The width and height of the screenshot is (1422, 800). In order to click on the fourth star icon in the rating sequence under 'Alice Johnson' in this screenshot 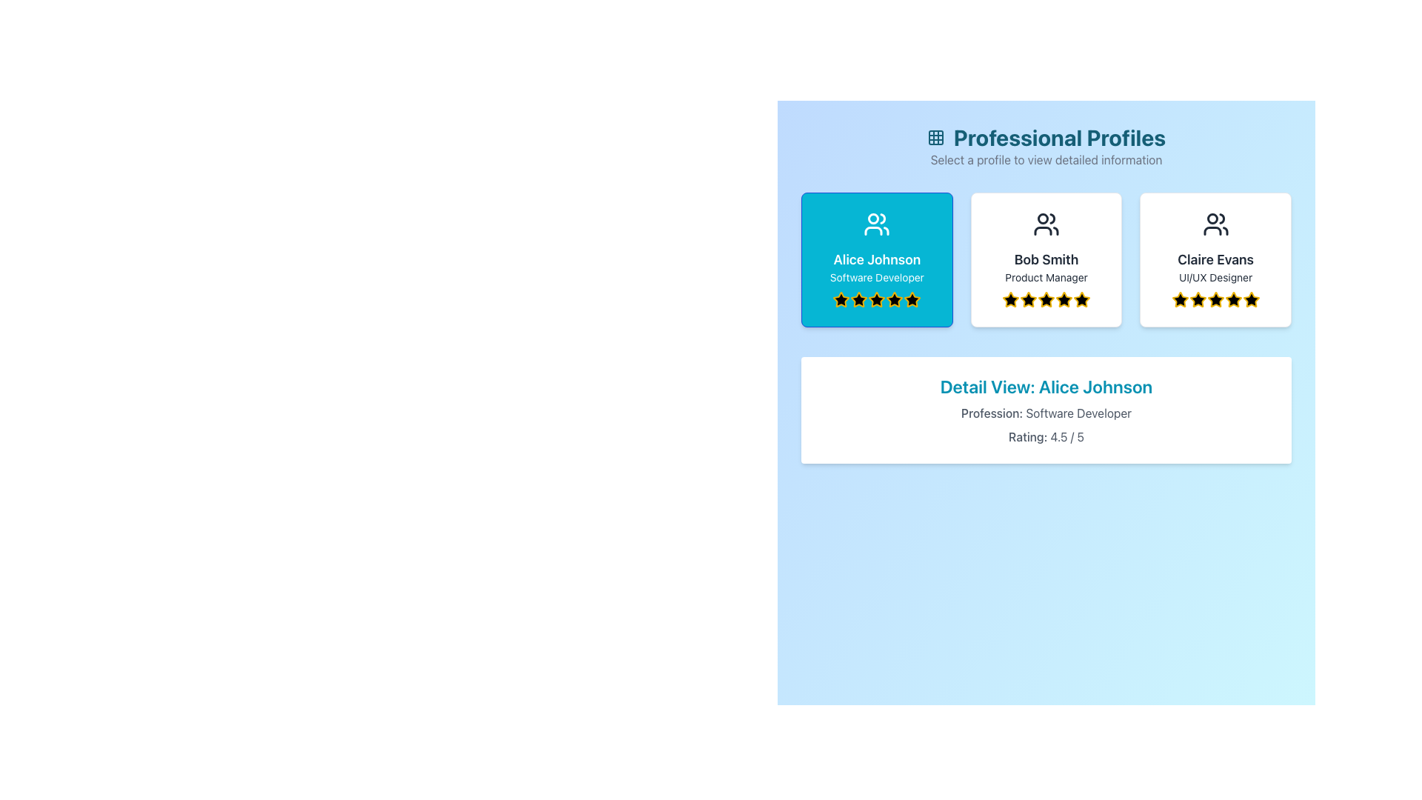, I will do `click(877, 299)`.